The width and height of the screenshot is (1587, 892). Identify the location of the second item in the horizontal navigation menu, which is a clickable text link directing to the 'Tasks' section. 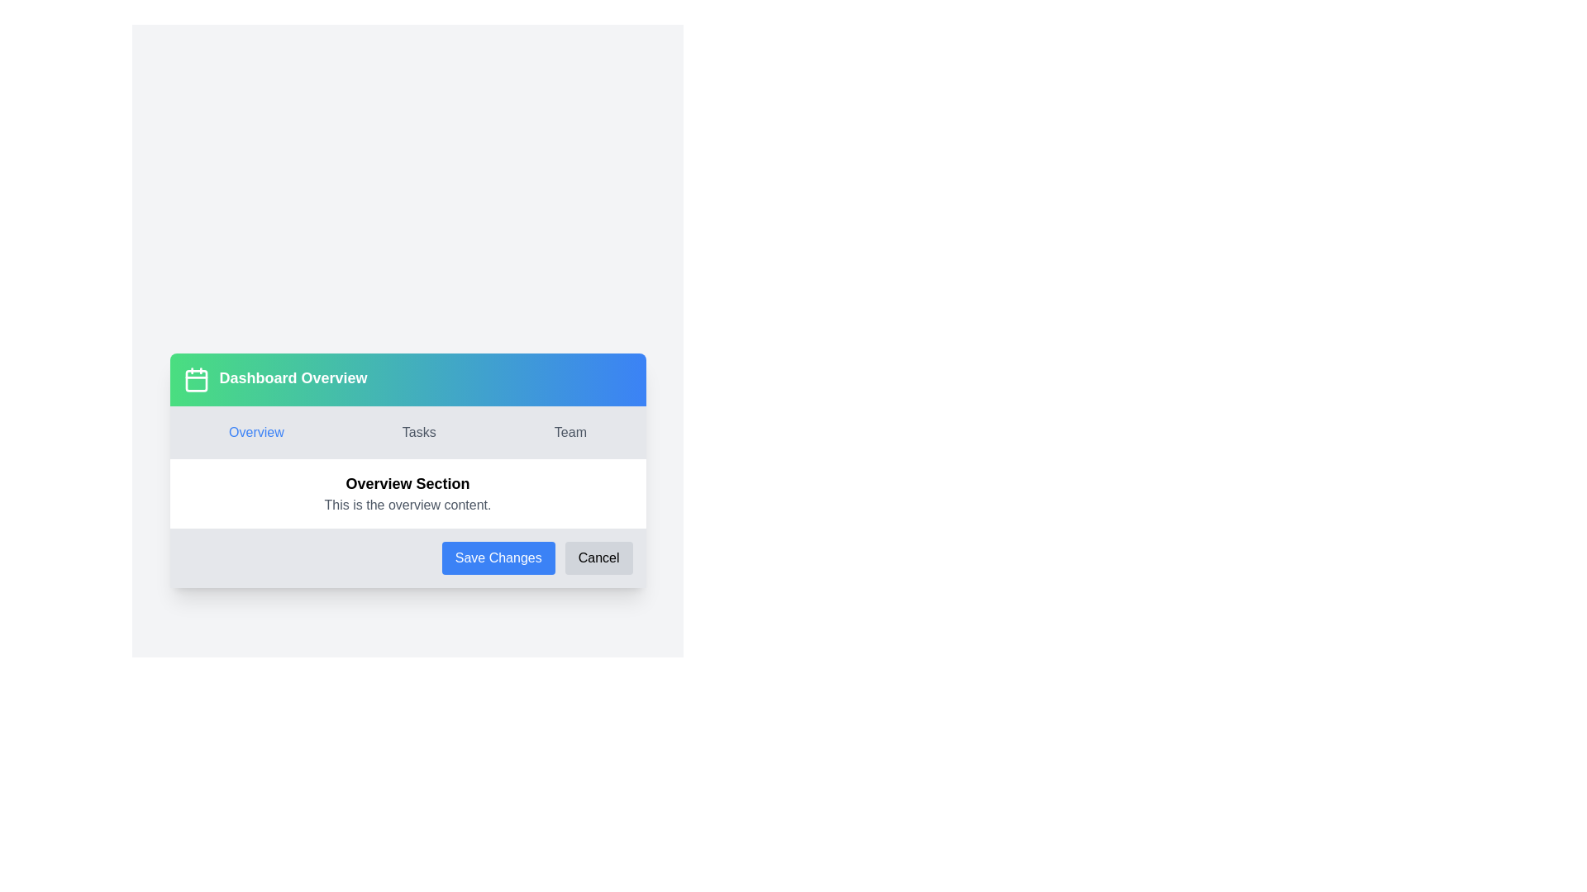
(419, 432).